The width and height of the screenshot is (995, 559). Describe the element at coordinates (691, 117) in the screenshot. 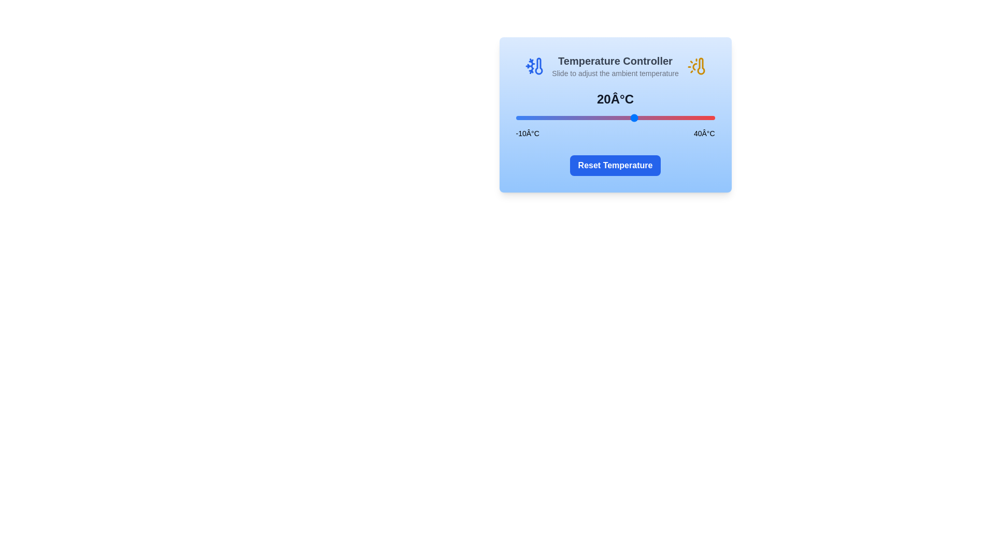

I see `the temperature` at that location.